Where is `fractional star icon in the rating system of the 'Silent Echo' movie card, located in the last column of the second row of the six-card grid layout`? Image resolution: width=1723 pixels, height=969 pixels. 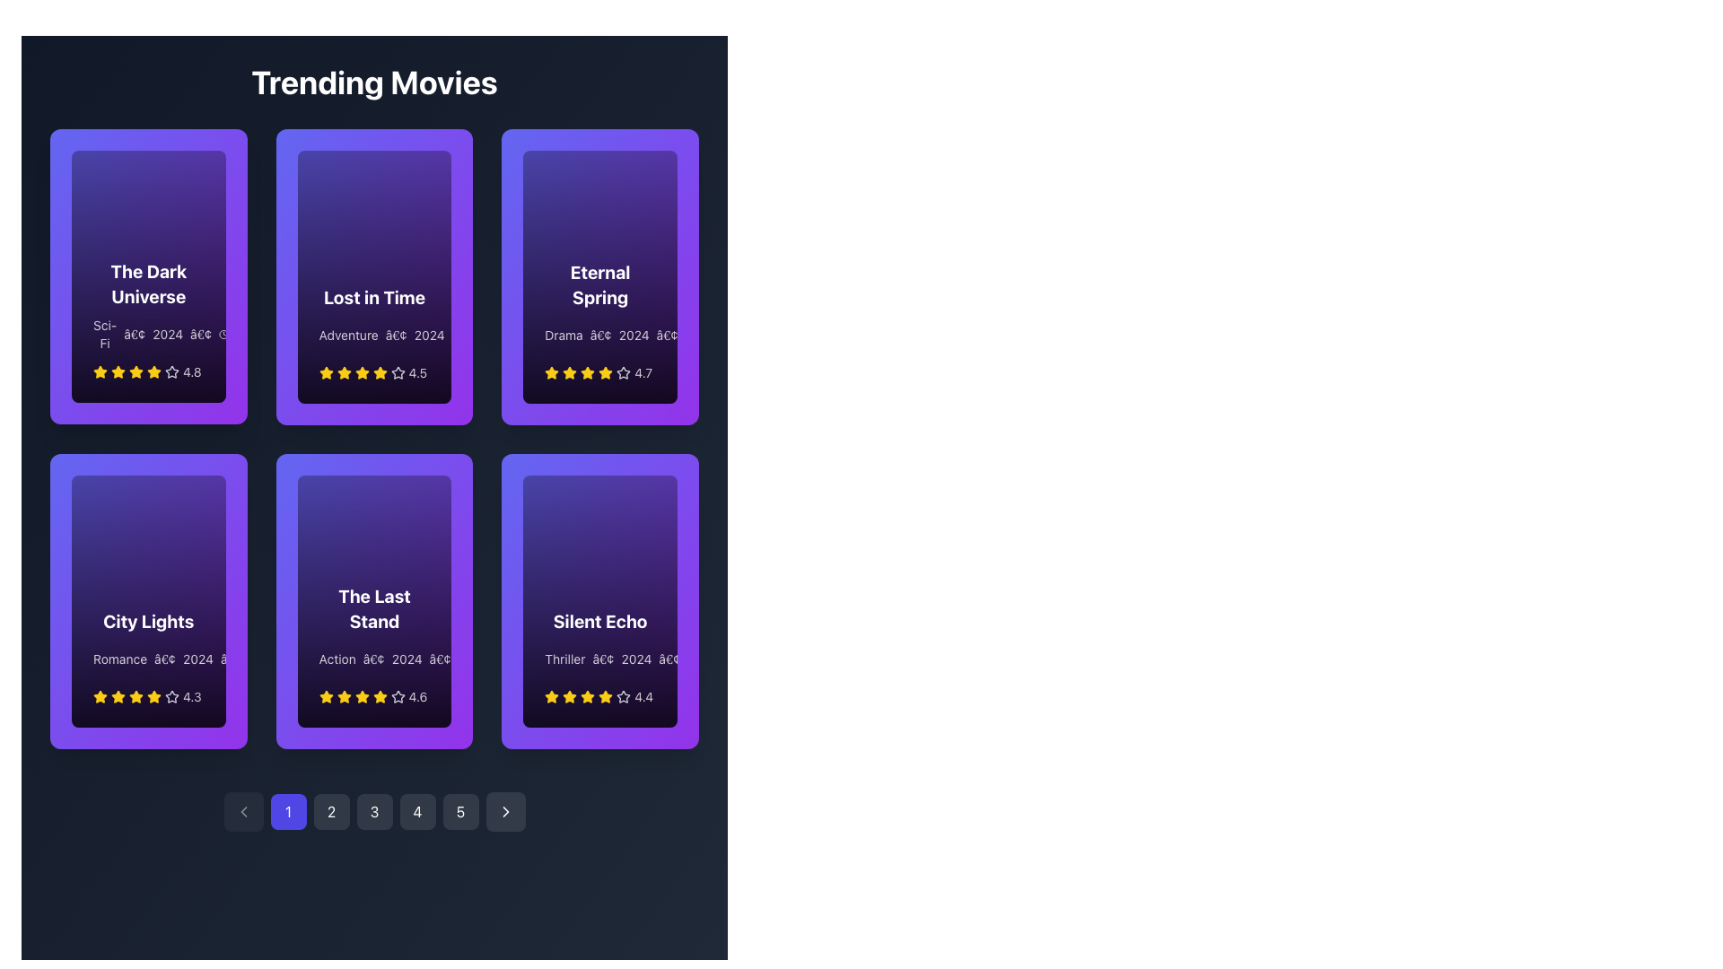
fractional star icon in the rating system of the 'Silent Echo' movie card, located in the last column of the second row of the six-card grid layout is located at coordinates (606, 695).